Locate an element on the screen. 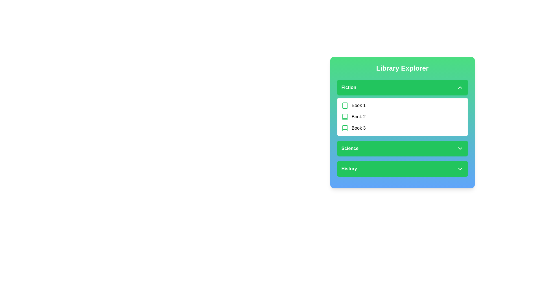 The image size is (542, 305). the toggle button of the section labeled Science to expand or collapse it is located at coordinates (402, 148).